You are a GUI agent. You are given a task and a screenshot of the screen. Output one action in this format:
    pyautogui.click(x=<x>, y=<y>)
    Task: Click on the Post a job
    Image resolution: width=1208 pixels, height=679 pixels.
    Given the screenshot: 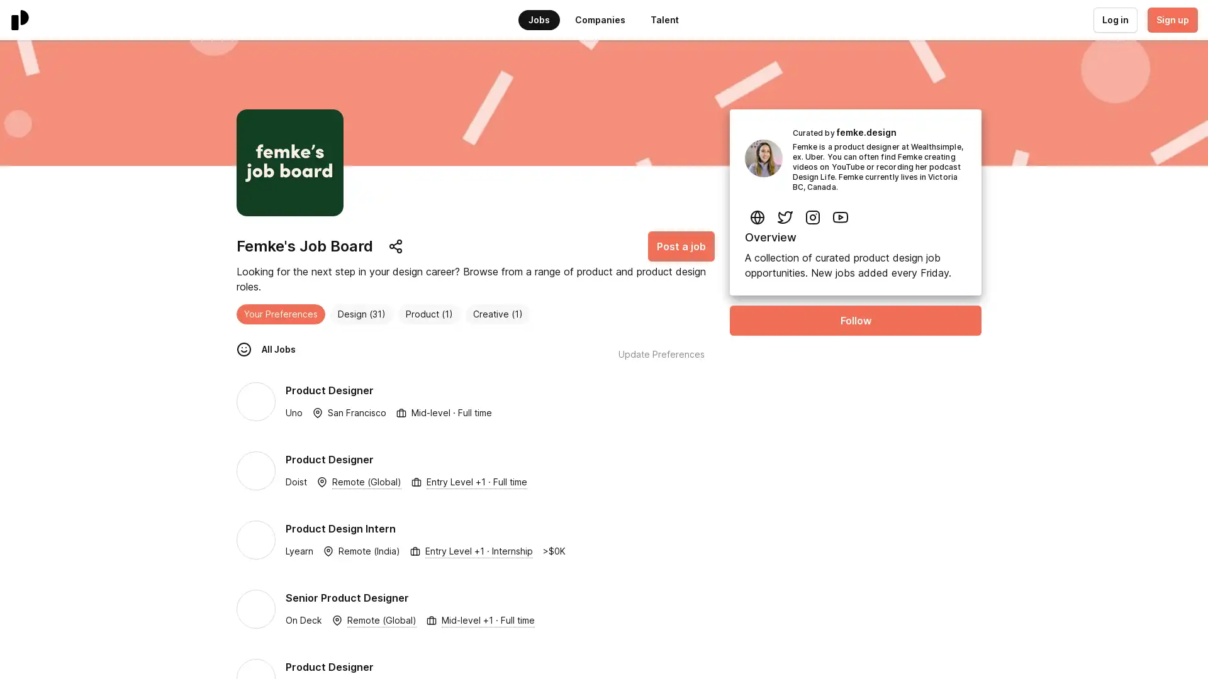 What is the action you would take?
    pyautogui.click(x=681, y=246)
    